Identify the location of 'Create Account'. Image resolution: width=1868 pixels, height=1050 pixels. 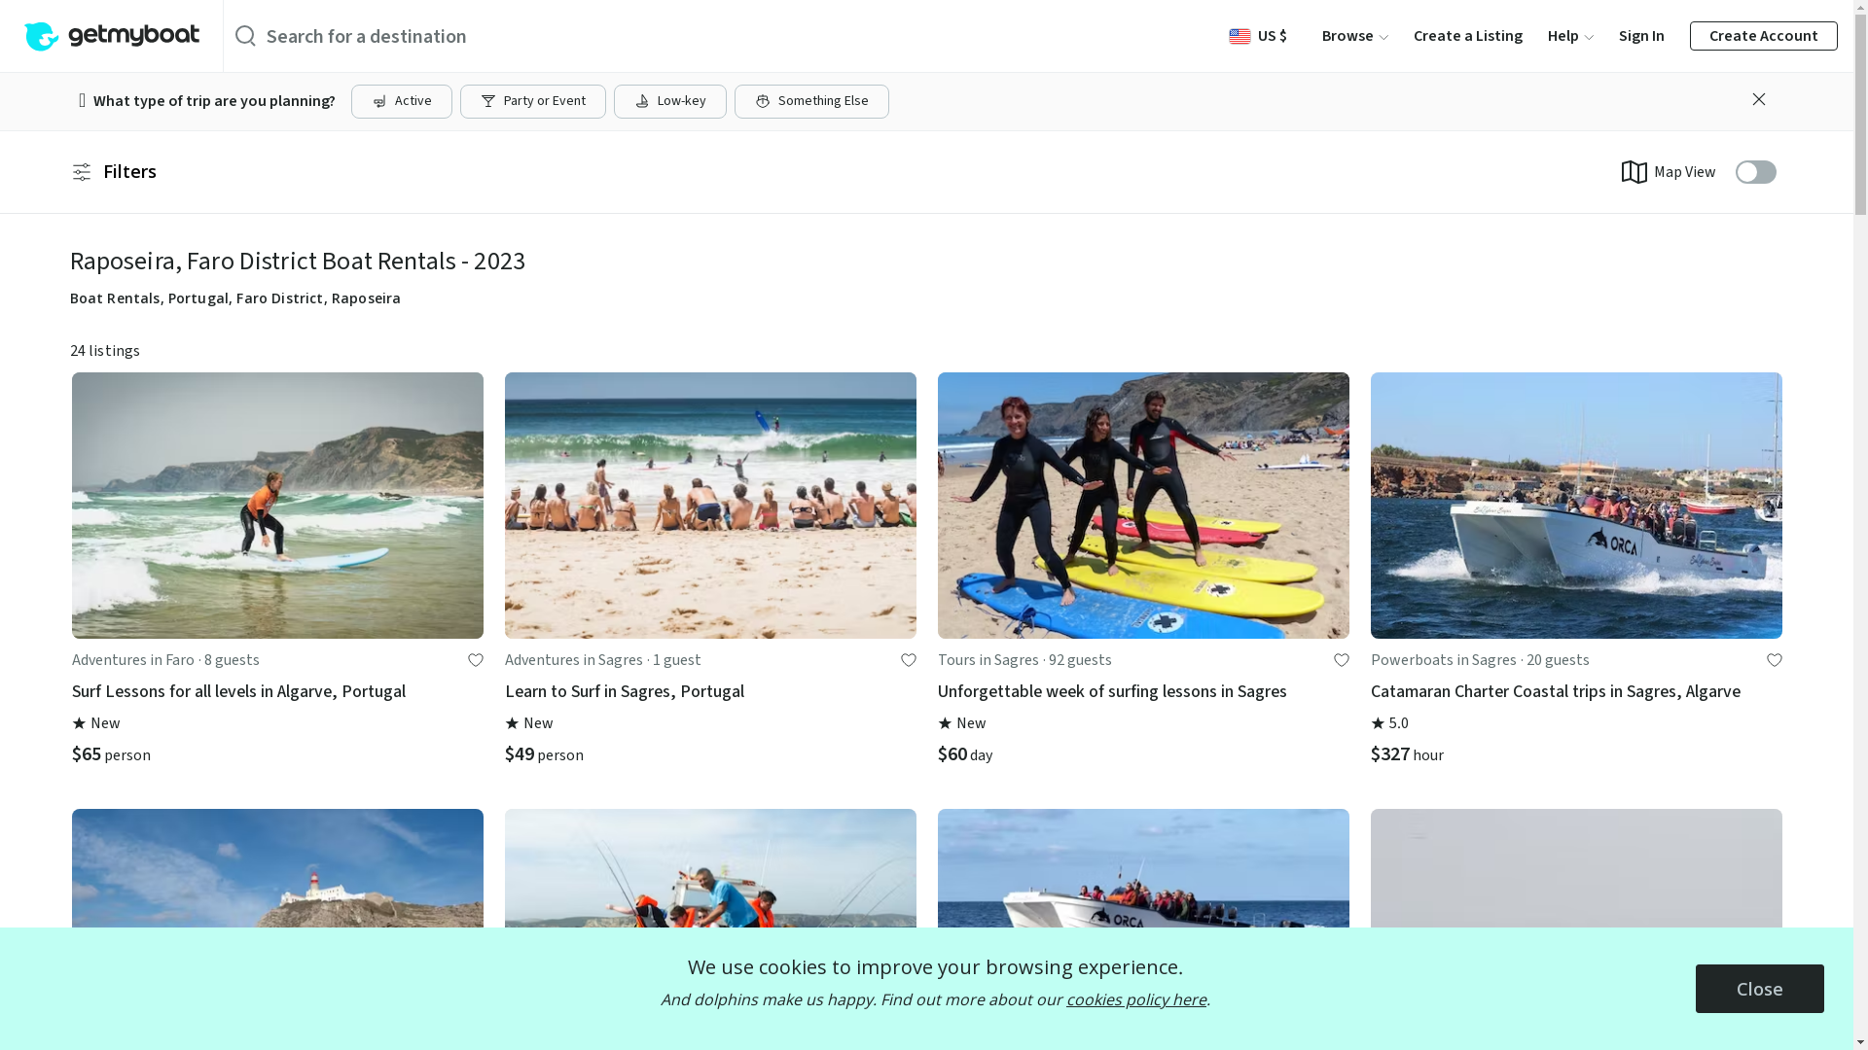
(1764, 36).